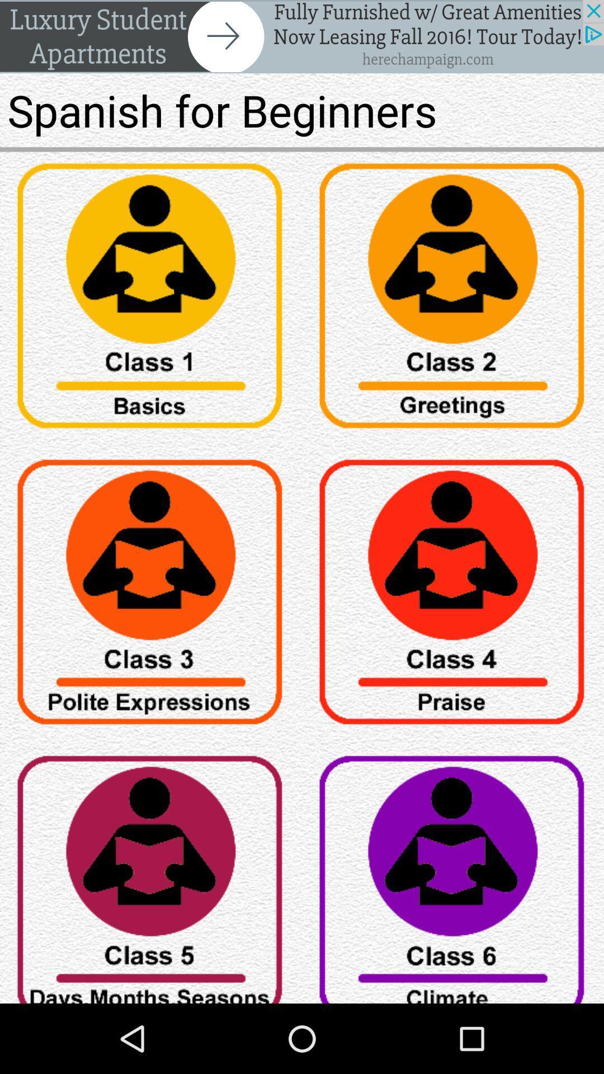 The width and height of the screenshot is (604, 1074). Describe the element at coordinates (151, 873) in the screenshot. I see `item` at that location.